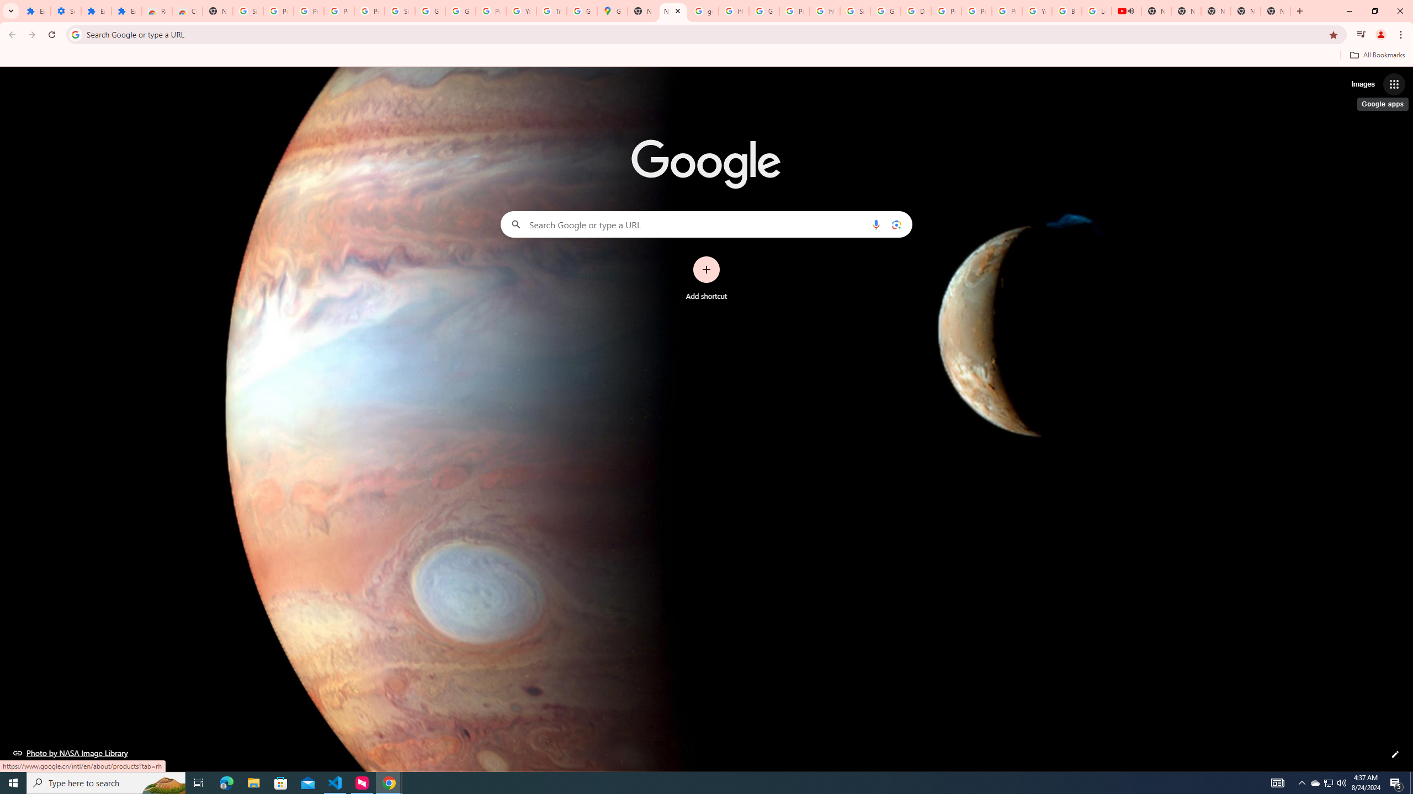  What do you see at coordinates (157, 10) in the screenshot?
I see `'Reviews: Helix Fruit Jump Arcade Game'` at bounding box center [157, 10].